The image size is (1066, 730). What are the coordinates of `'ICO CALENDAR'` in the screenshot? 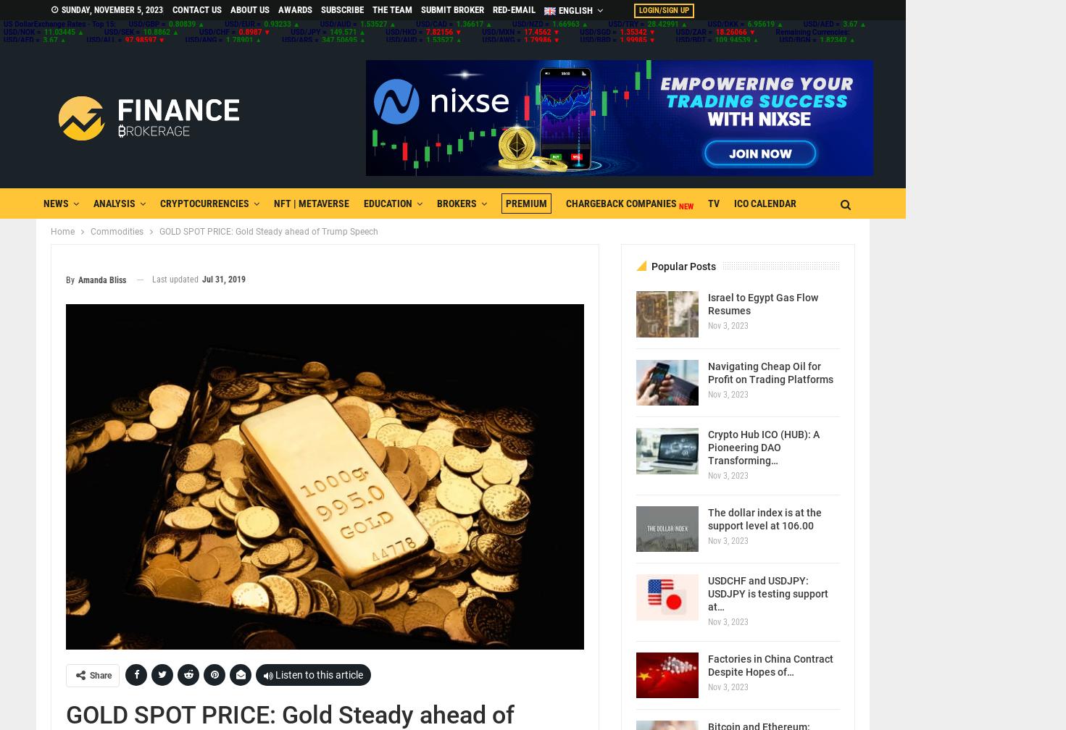 It's located at (765, 204).